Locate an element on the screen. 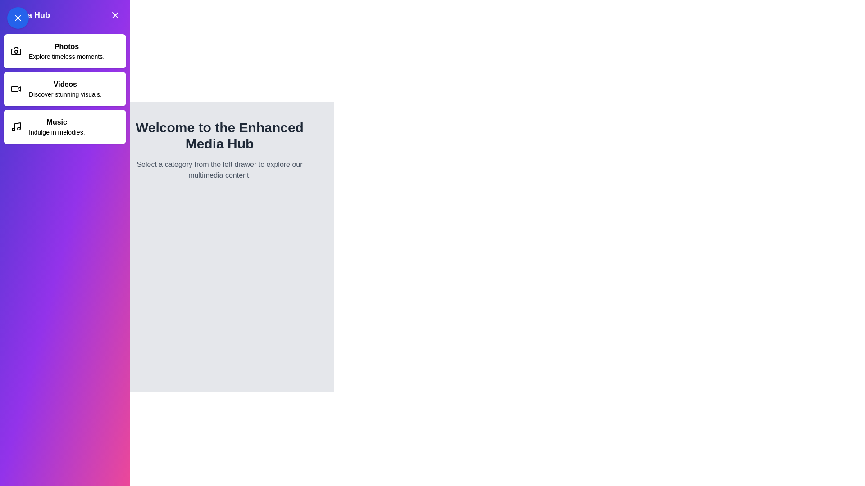 This screenshot has height=486, width=865. the 'Media Hub' header text button is located at coordinates (64, 15).